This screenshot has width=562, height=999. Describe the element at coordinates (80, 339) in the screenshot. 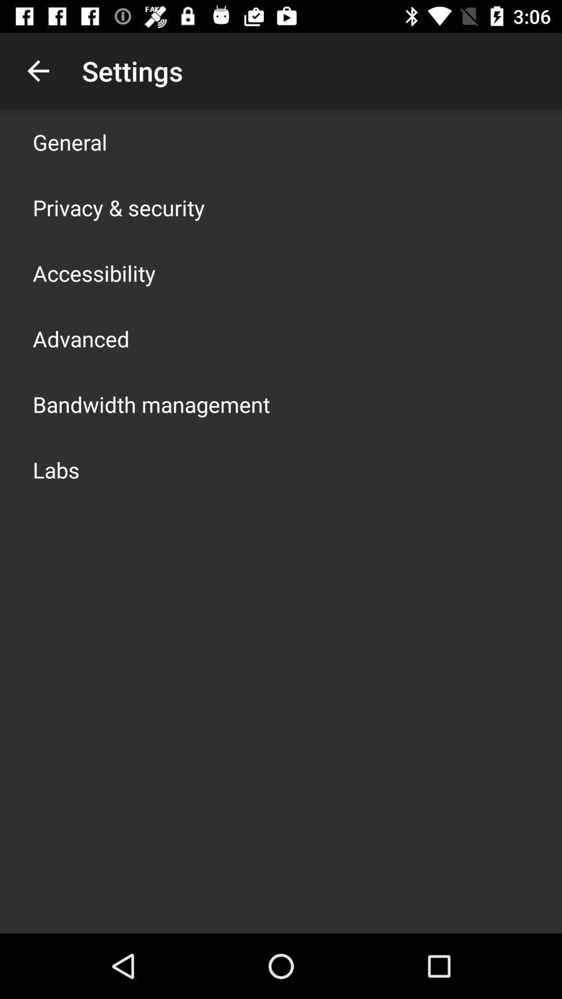

I see `advanced` at that location.